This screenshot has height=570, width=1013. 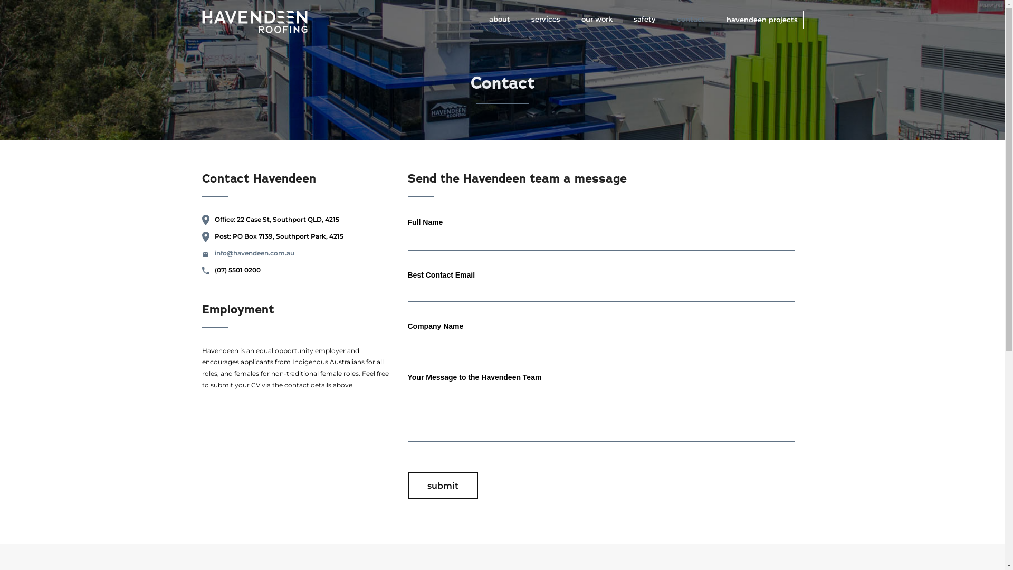 What do you see at coordinates (695, 19) in the screenshot?
I see `'contact'` at bounding box center [695, 19].